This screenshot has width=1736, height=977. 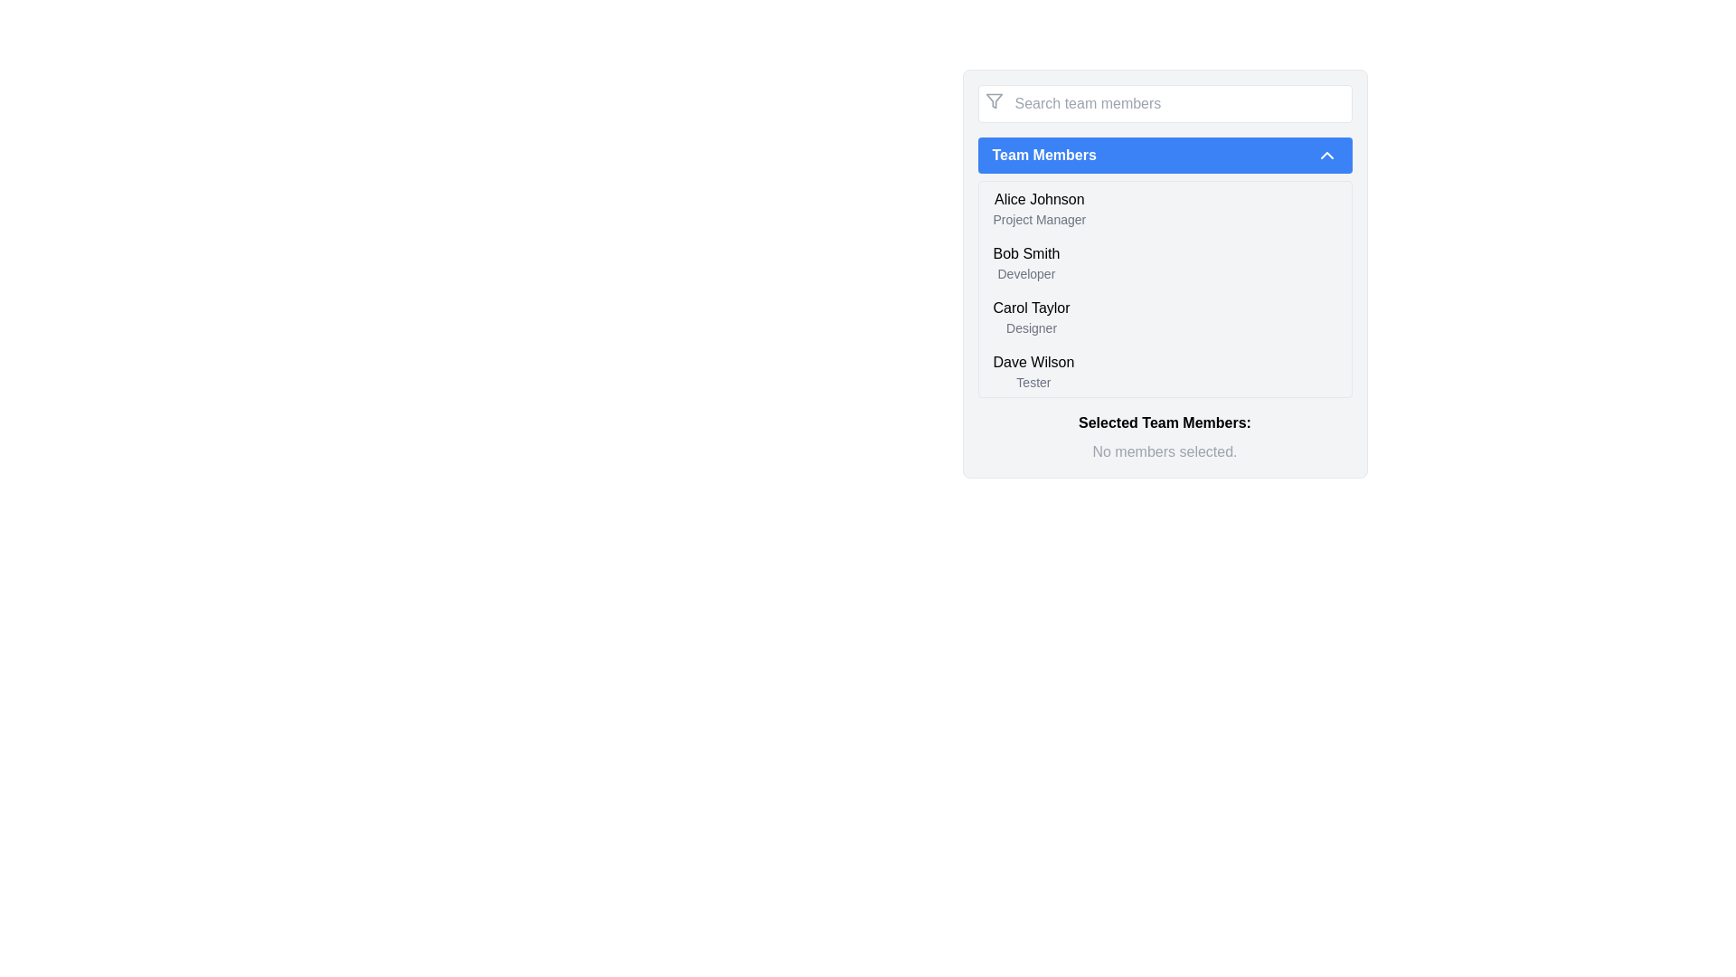 I want to click on the Text Label indicating that no team members have been selected, which is positioned below the 'Selected Team Members:' text and centered horizontally in the team member selection area, so click(x=1165, y=451).